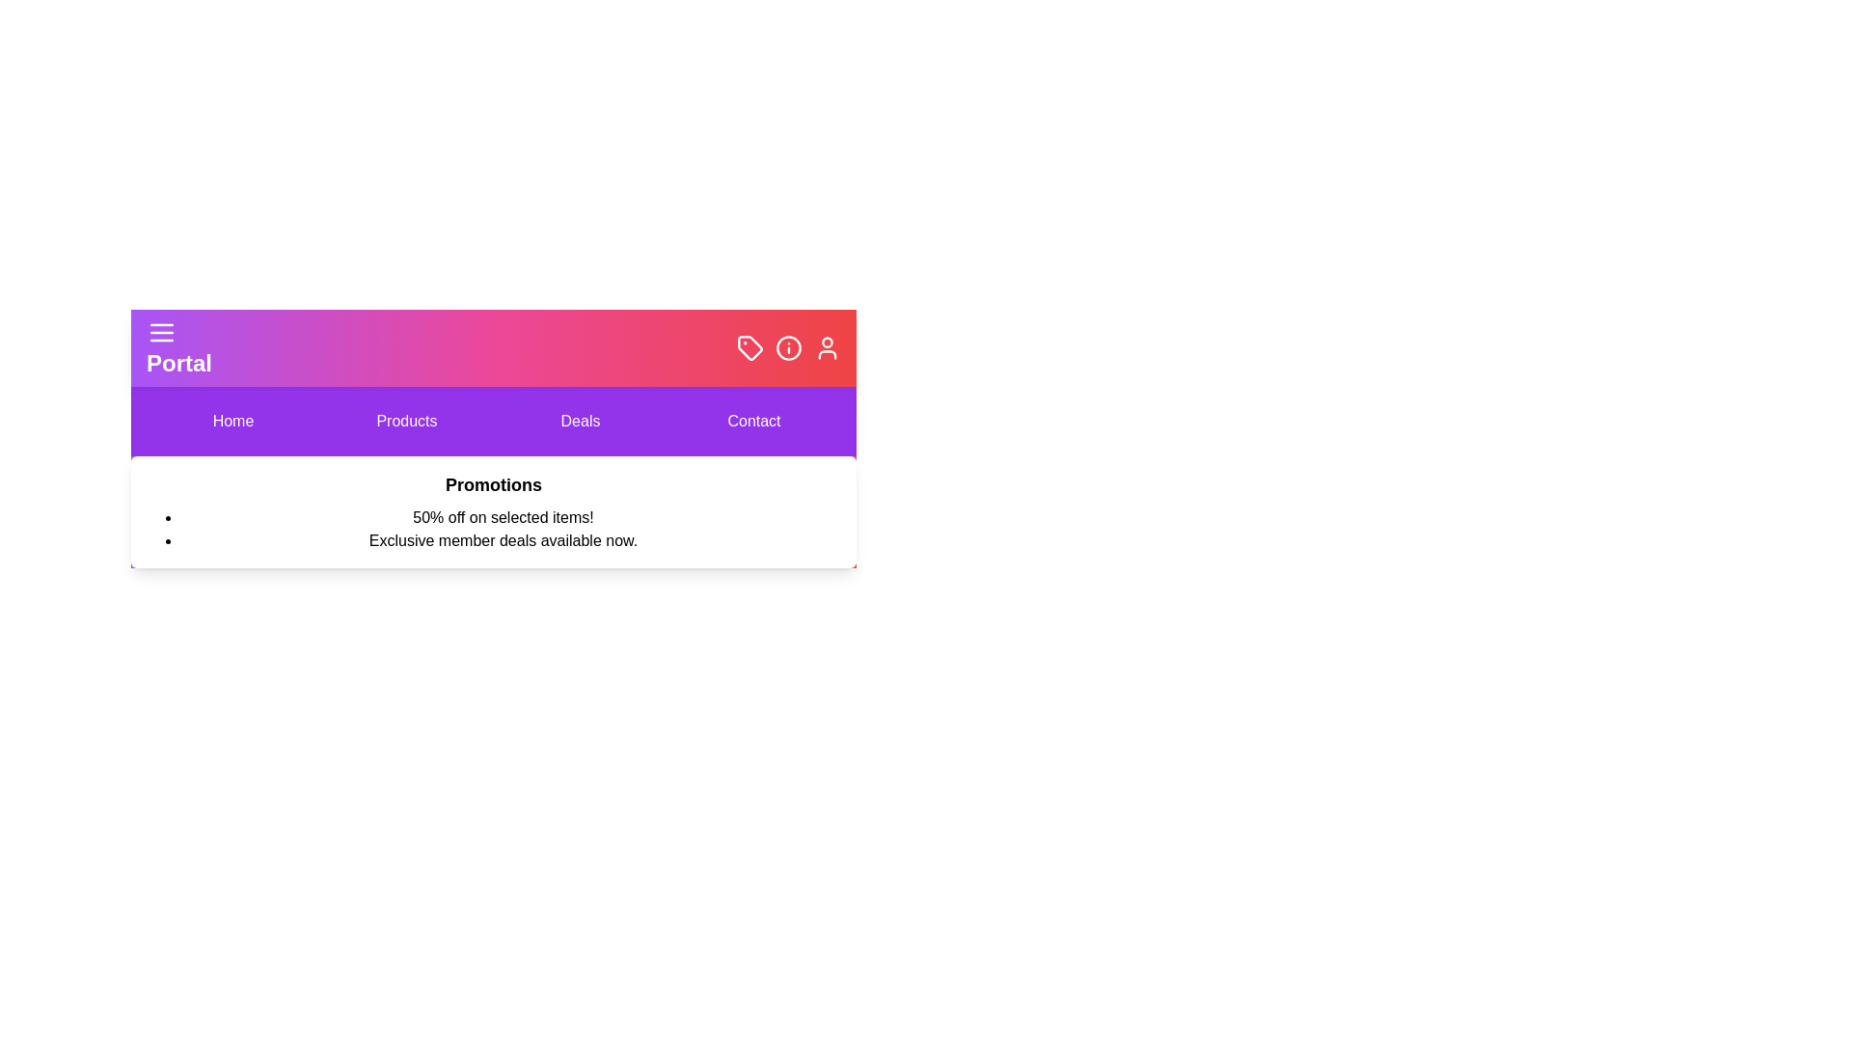 The width and height of the screenshot is (1852, 1042). Describe the element at coordinates (162, 331) in the screenshot. I see `the icon Menu to observe visual feedback` at that location.